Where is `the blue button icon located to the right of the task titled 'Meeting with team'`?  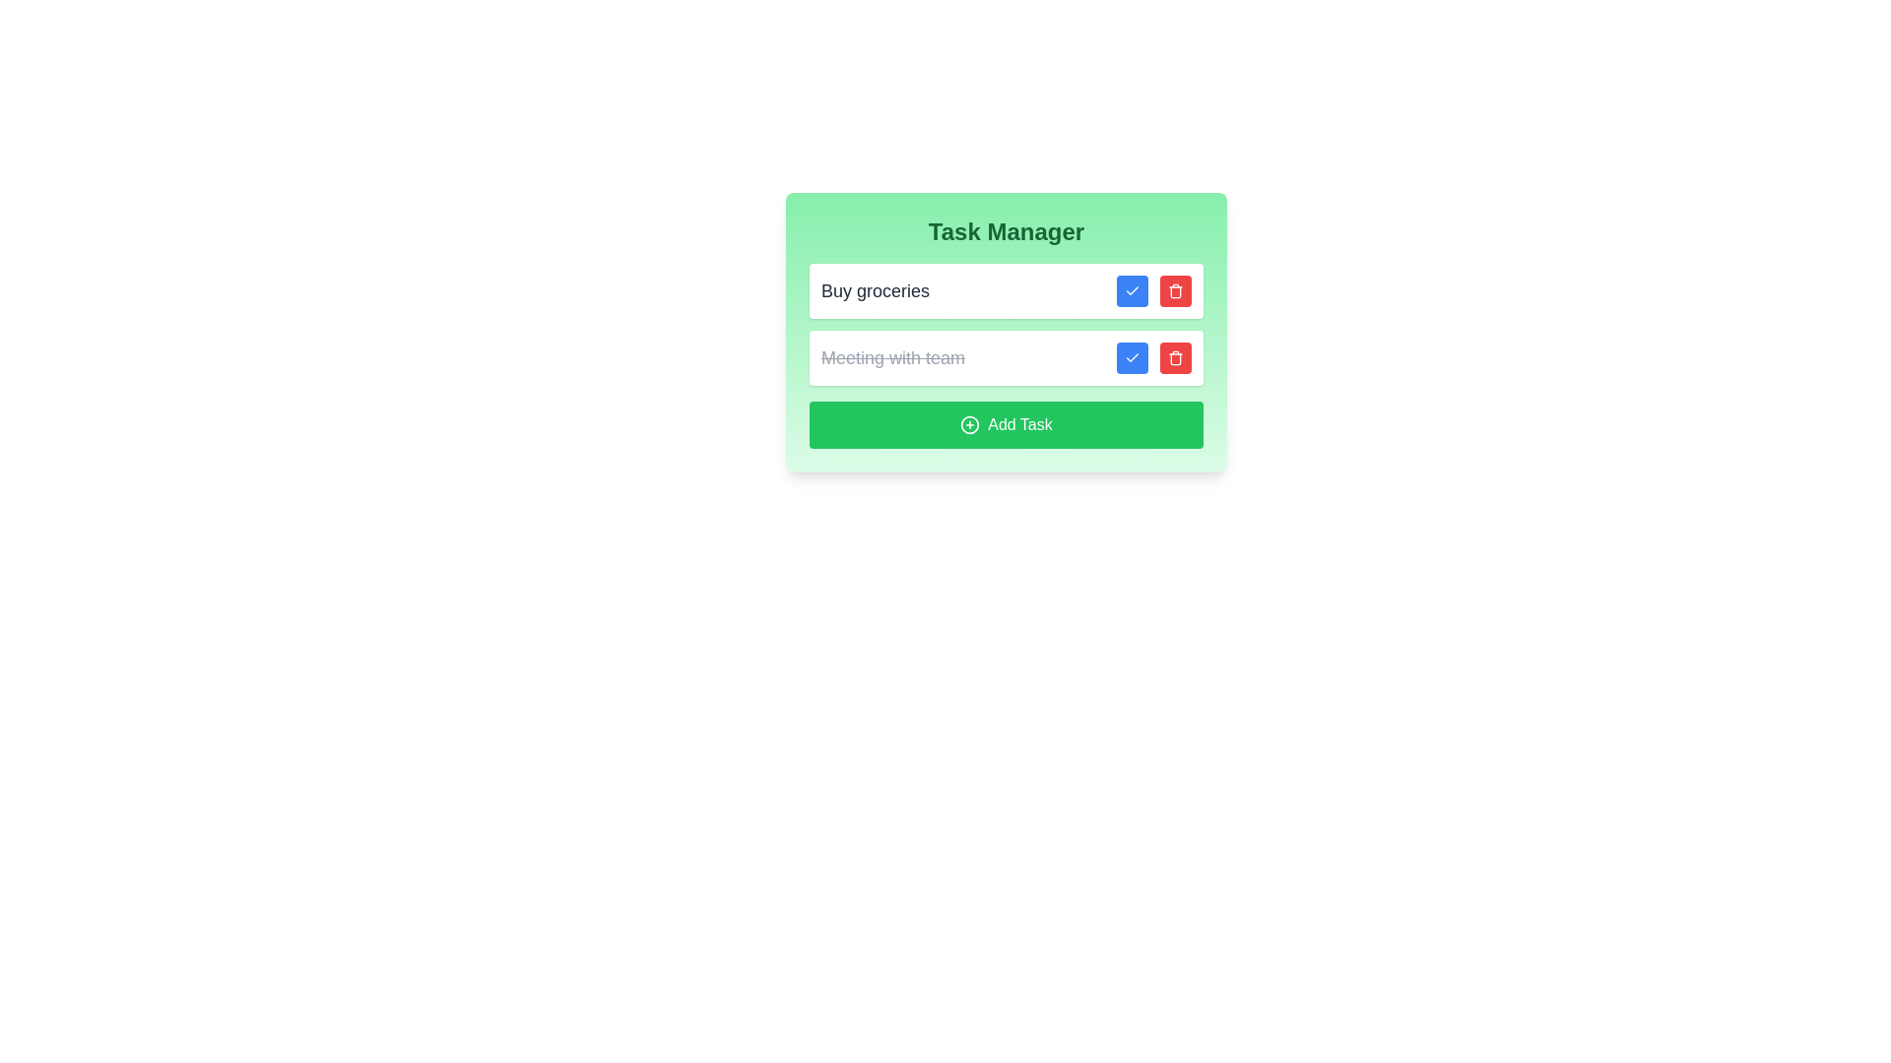 the blue button icon located to the right of the task titled 'Meeting with team' is located at coordinates (1133, 357).